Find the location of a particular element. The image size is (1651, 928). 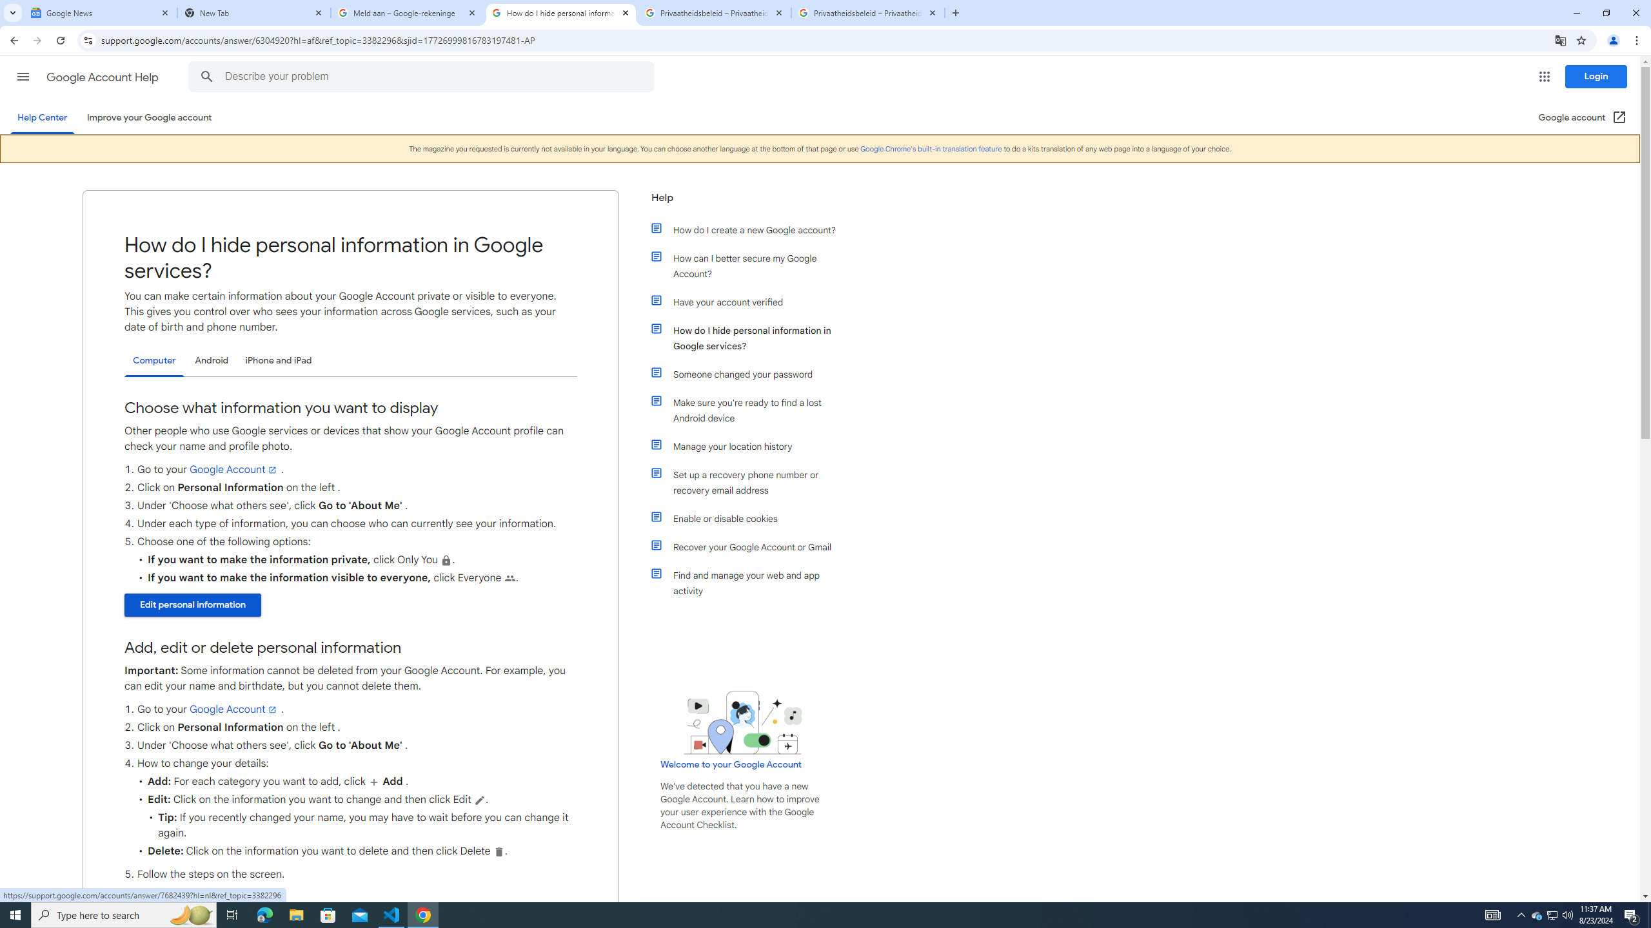

'Google Account' is located at coordinates (233, 709).